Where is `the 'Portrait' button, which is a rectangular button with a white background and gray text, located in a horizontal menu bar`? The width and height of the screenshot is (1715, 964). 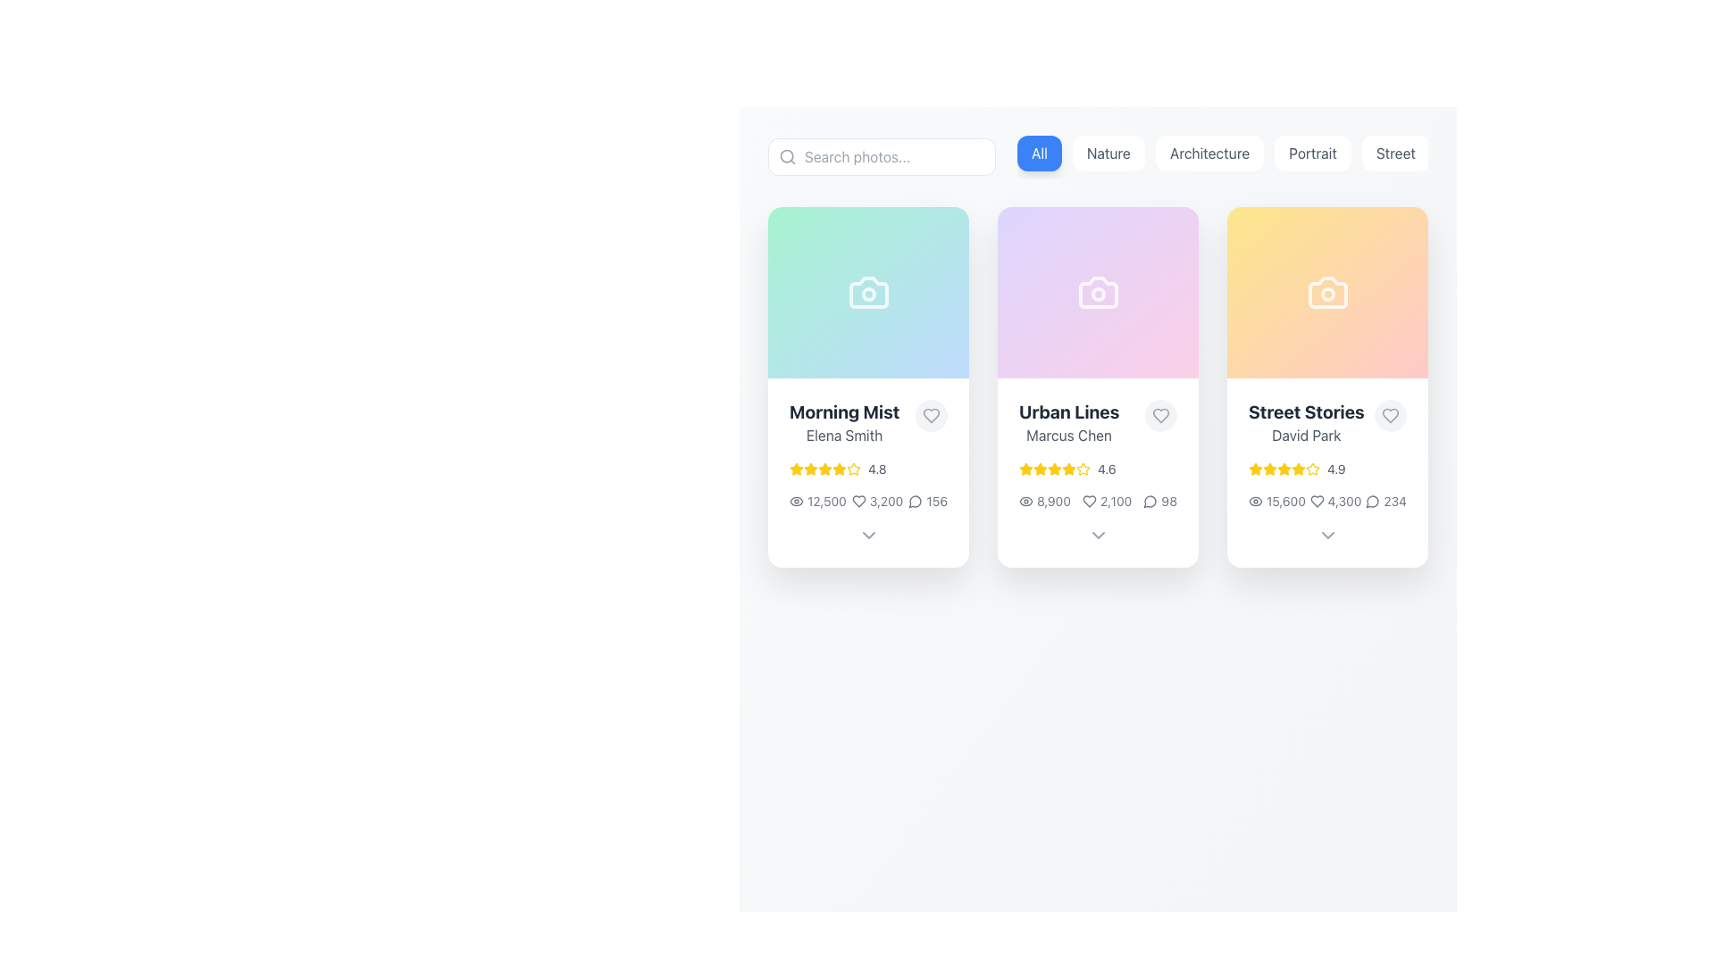
the 'Portrait' button, which is a rectangular button with a white background and gray text, located in a horizontal menu bar is located at coordinates (1312, 153).